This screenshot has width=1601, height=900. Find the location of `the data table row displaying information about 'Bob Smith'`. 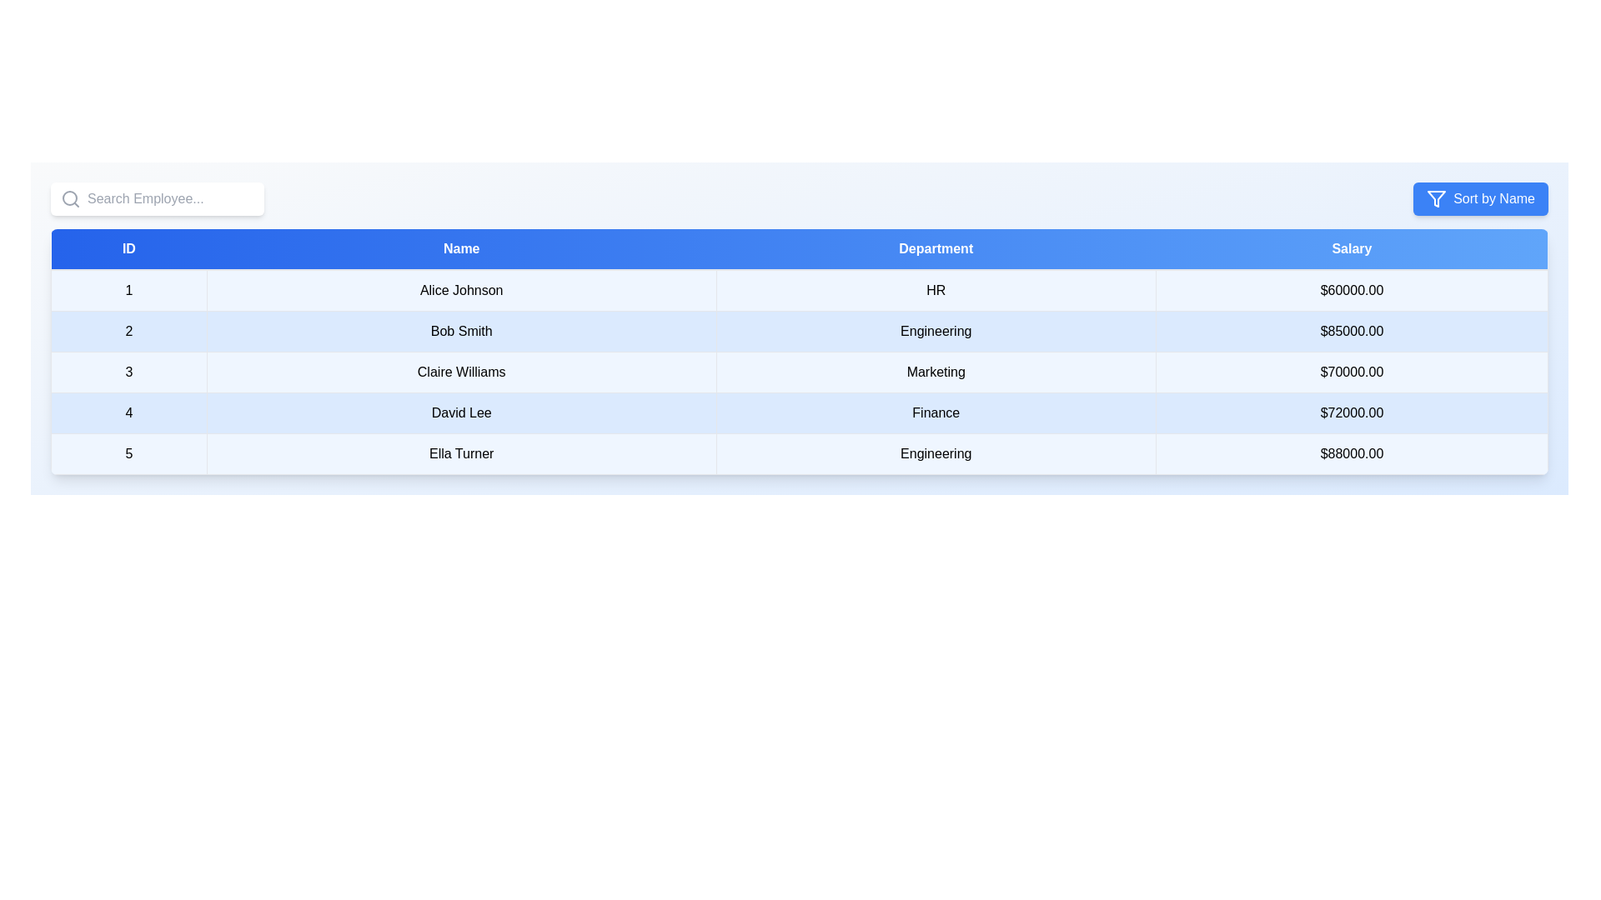

the data table row displaying information about 'Bob Smith' is located at coordinates (799, 331).